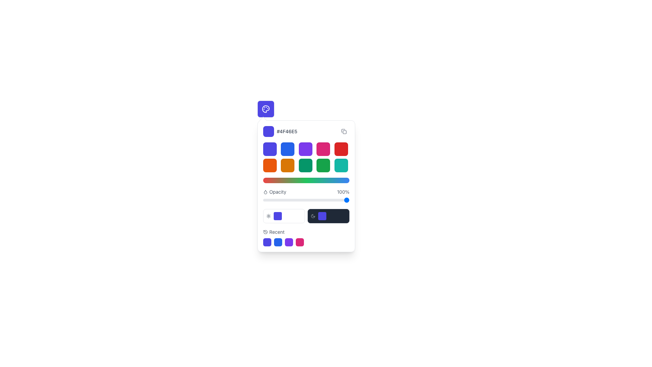 The height and width of the screenshot is (367, 652). What do you see at coordinates (323, 149) in the screenshot?
I see `the fourth button in the first row of a grid, which is a color selection option` at bounding box center [323, 149].